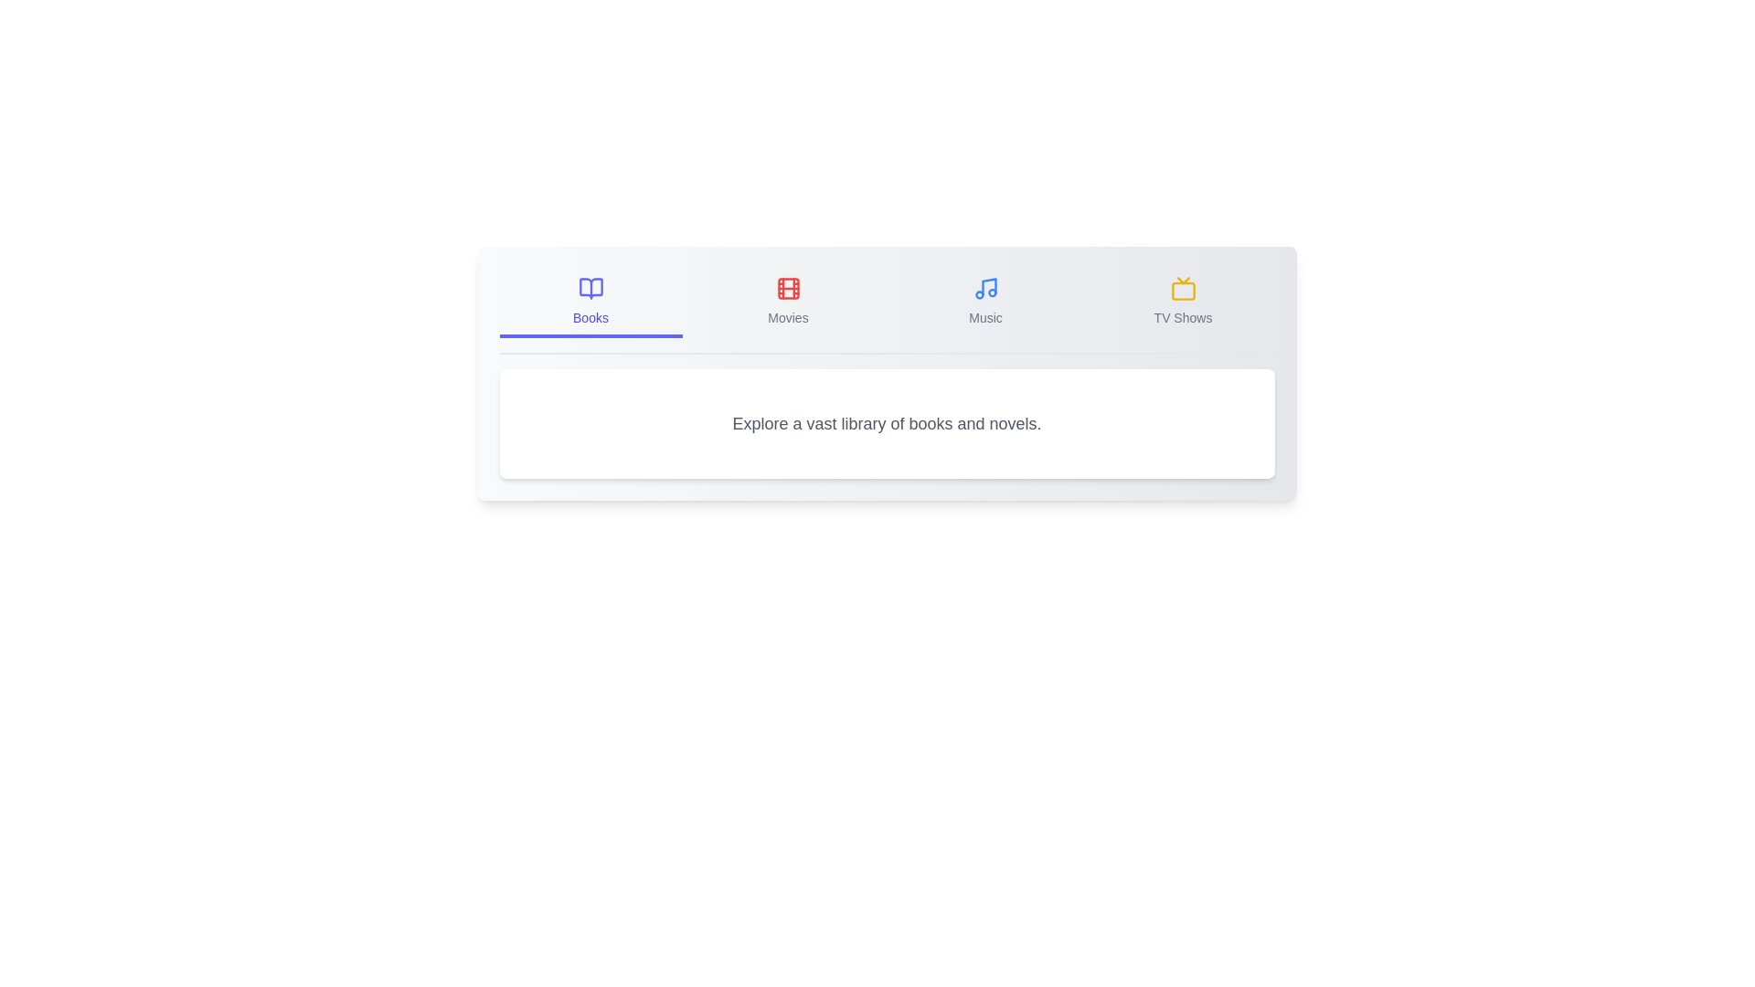  Describe the element at coordinates (984, 302) in the screenshot. I see `the tab corresponding to Music to view its content` at that location.